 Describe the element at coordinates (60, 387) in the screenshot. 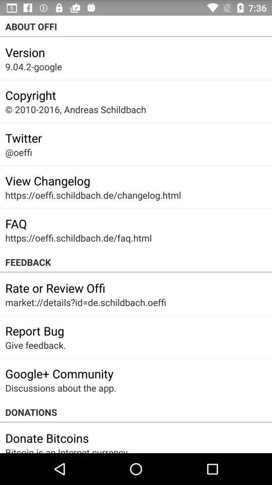

I see `item above the donations` at that location.